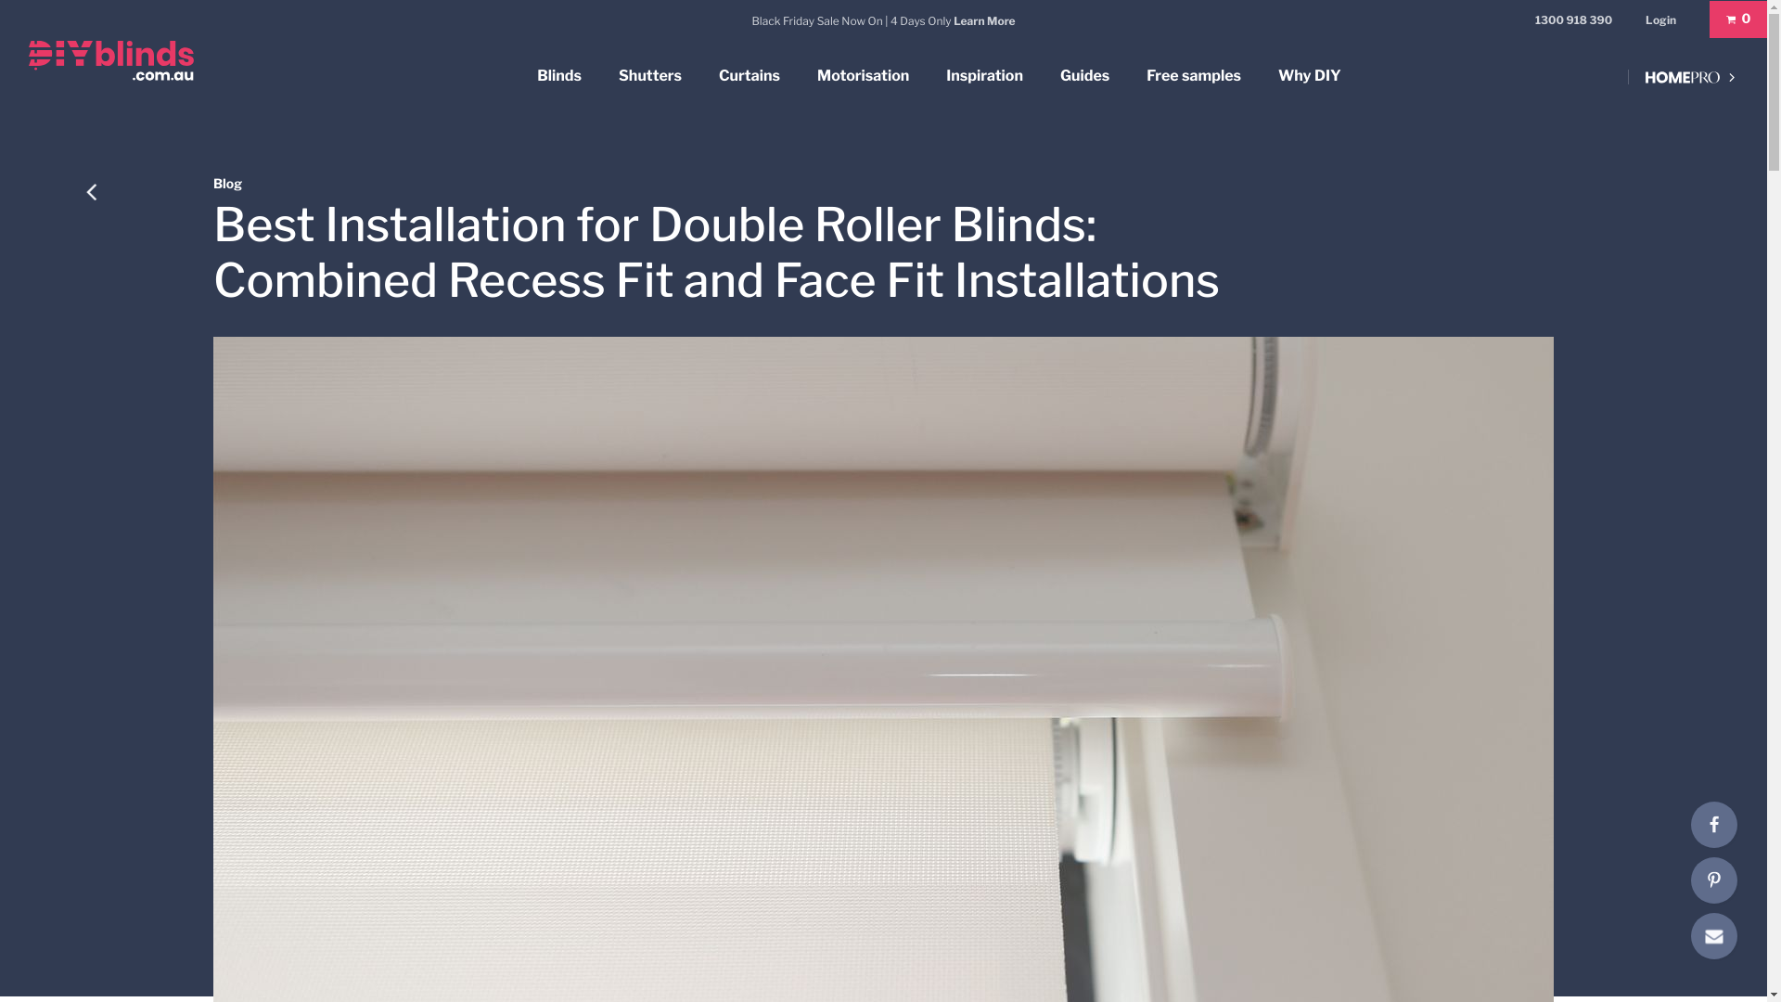 This screenshot has width=1781, height=1002. What do you see at coordinates (89, 190) in the screenshot?
I see `'Back'` at bounding box center [89, 190].